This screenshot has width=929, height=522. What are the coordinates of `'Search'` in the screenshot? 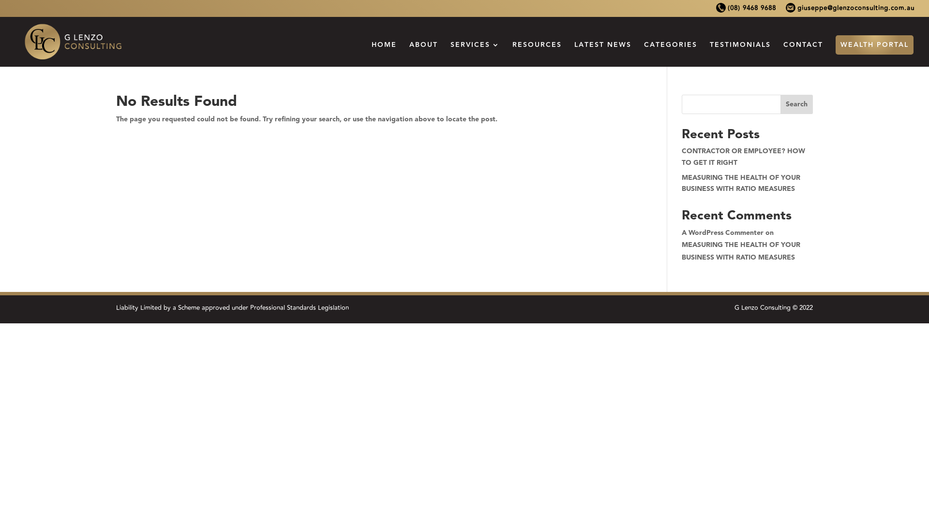 It's located at (796, 104).